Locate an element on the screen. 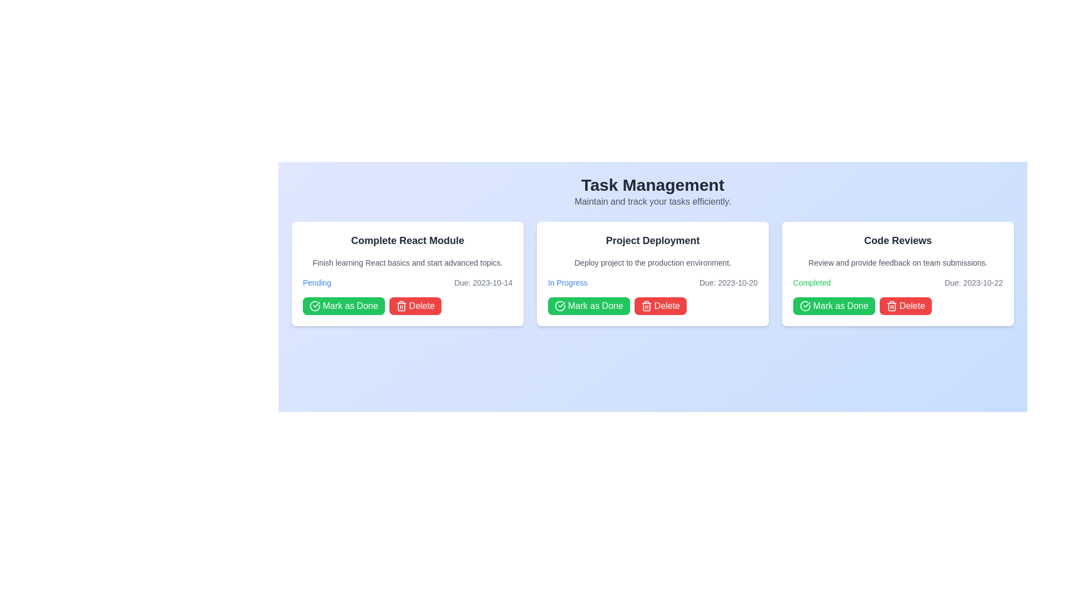 This screenshot has width=1065, height=599. the 'Mark as Done' or 'Delete' buttons within the 'Code Reviews' task card, which is the third card in the grid layout located at the rightmost end is located at coordinates (897, 273).